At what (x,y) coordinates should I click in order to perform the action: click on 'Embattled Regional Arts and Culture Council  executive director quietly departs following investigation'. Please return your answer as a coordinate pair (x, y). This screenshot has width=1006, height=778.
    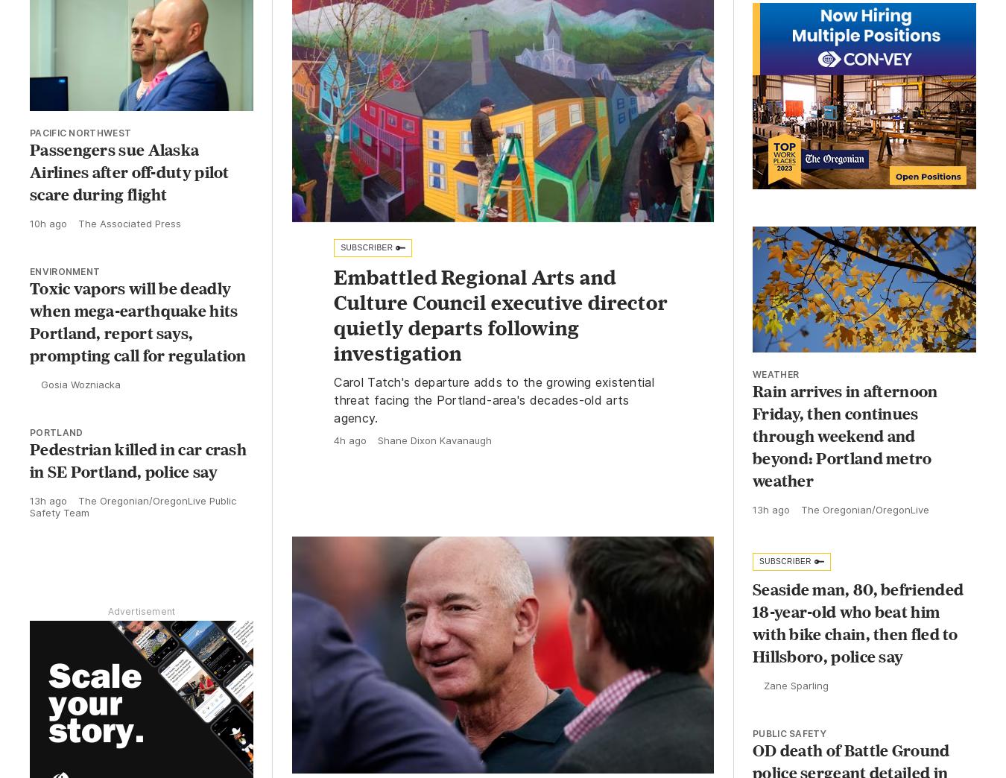
    Looking at the image, I should click on (501, 314).